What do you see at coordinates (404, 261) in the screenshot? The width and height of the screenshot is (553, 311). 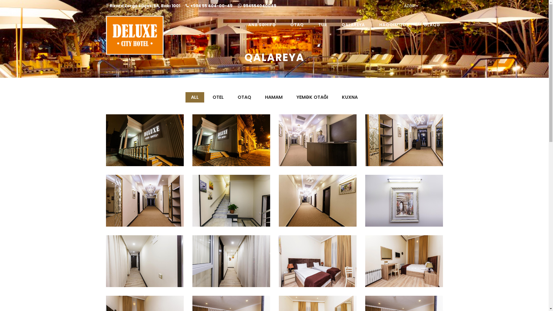 I see `'Otaq'` at bounding box center [404, 261].